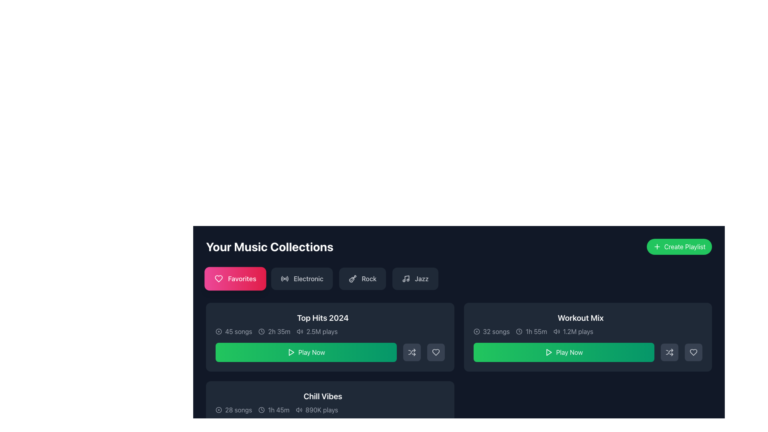 The image size is (768, 432). Describe the element at coordinates (233, 332) in the screenshot. I see `the text label displaying '45 songs' with the accompanying circular icon resembling a CD, located in the first card of the music collections section` at that location.